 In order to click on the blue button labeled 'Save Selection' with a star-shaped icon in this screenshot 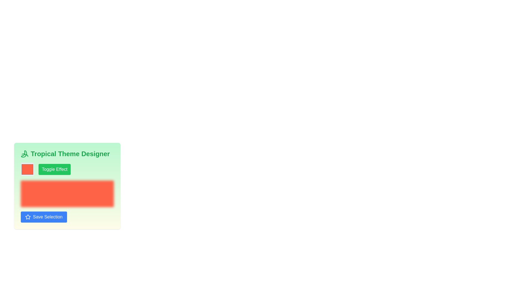, I will do `click(44, 216)`.